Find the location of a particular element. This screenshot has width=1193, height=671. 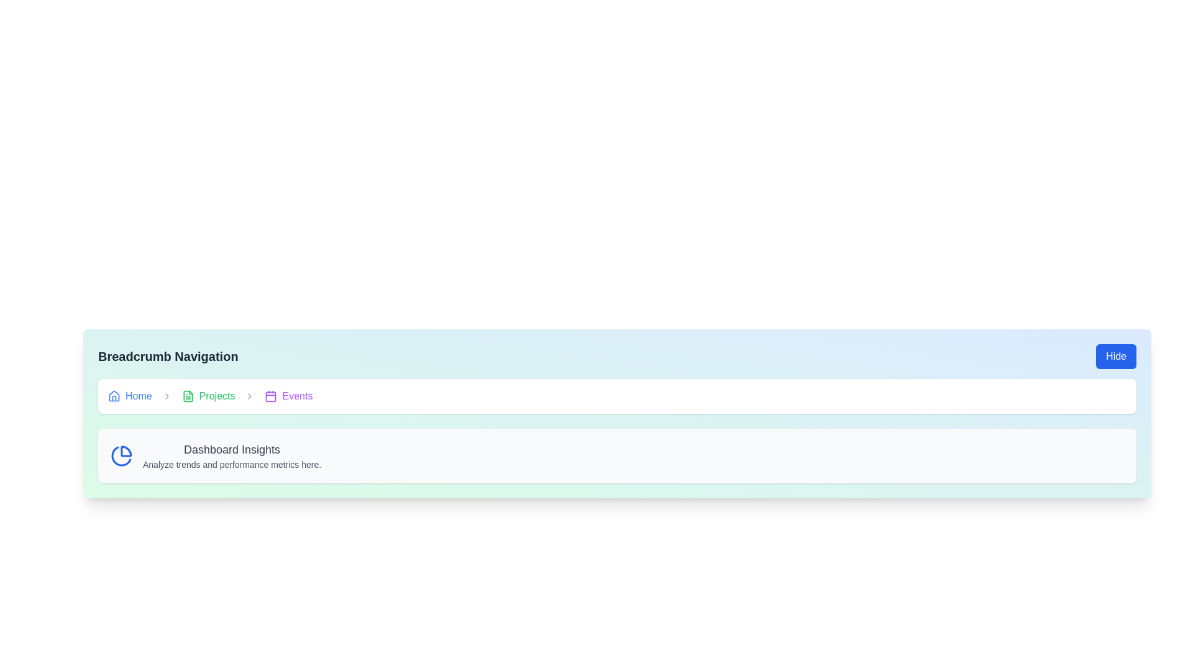

the document icon styled with a green color palette located next to the 'Projects' text in the breadcrumb navigation bar is located at coordinates (187, 396).